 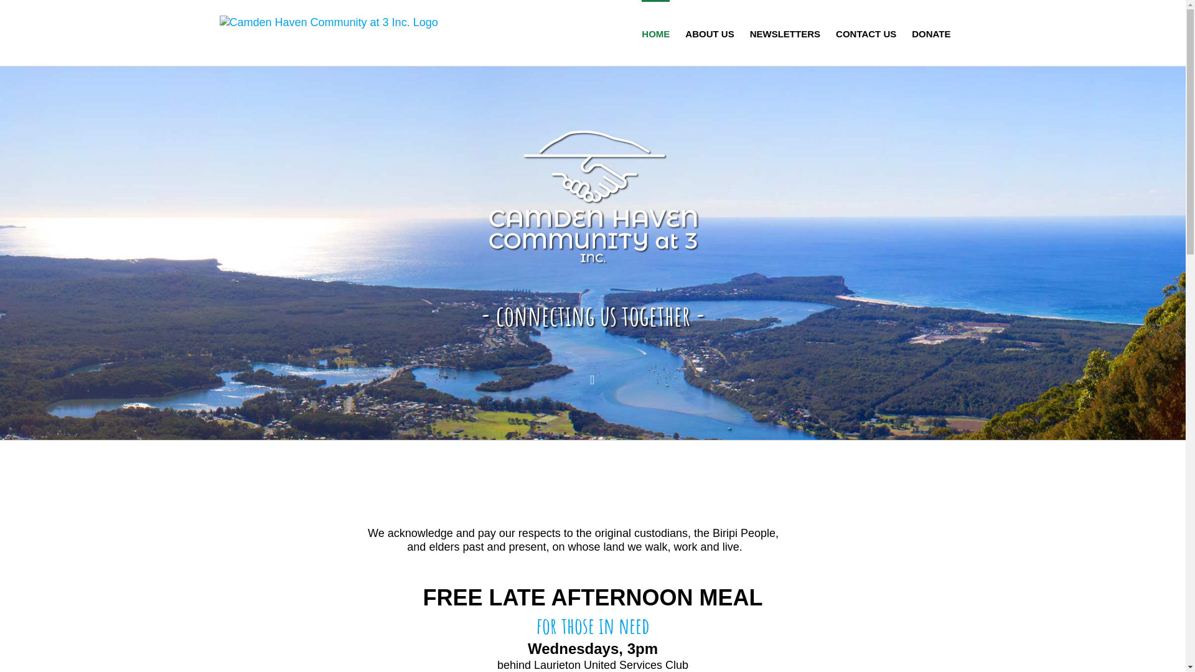 I want to click on 'CONTACT US', so click(x=865, y=32).